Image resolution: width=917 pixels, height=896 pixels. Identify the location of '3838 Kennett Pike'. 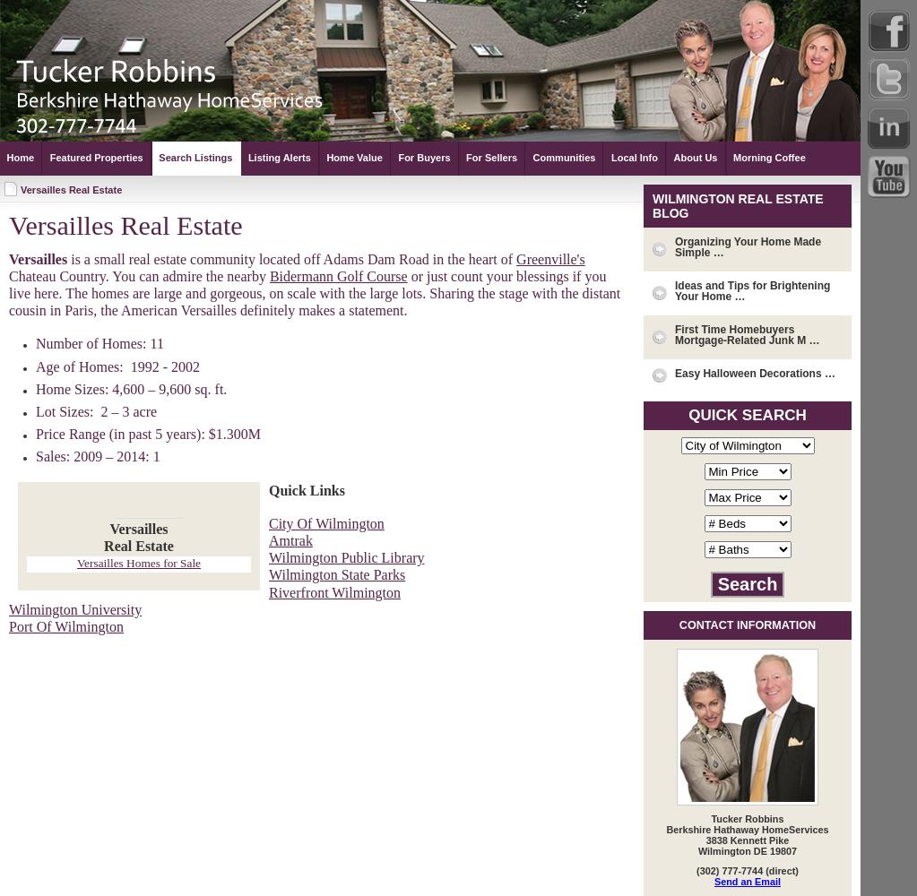
(704, 840).